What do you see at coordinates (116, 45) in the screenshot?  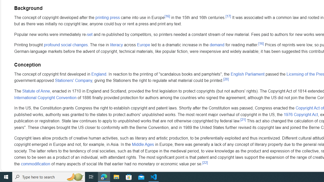 I see `'literacy'` at bounding box center [116, 45].